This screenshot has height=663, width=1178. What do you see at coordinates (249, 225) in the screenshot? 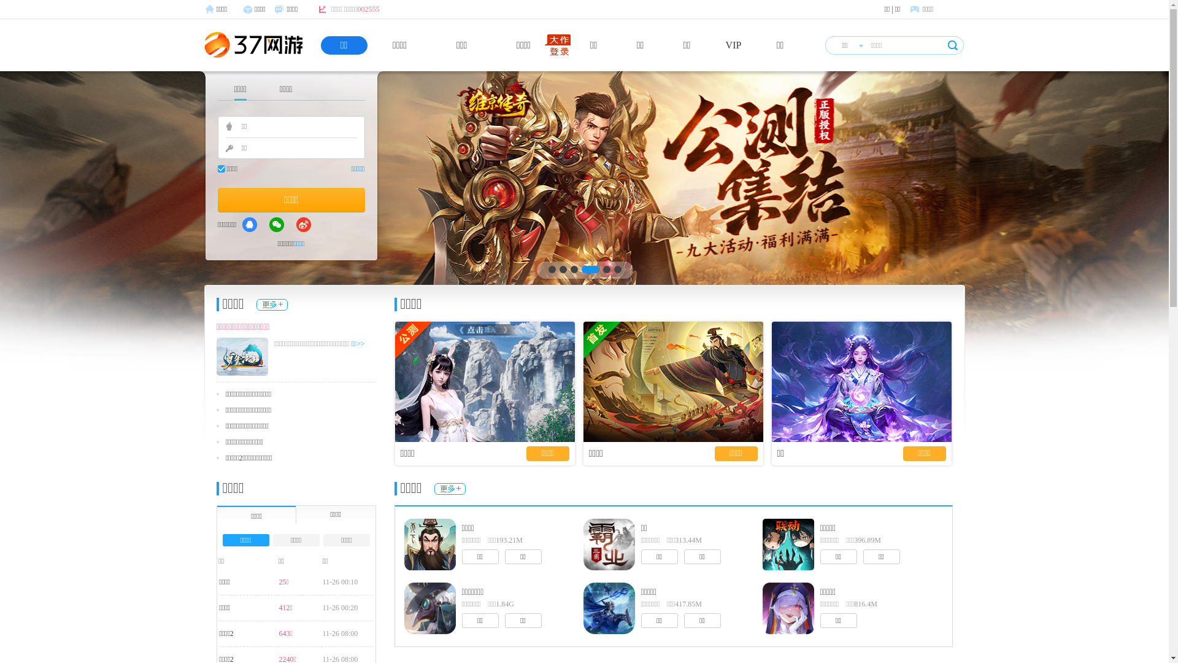
I see `'QQ'` at bounding box center [249, 225].